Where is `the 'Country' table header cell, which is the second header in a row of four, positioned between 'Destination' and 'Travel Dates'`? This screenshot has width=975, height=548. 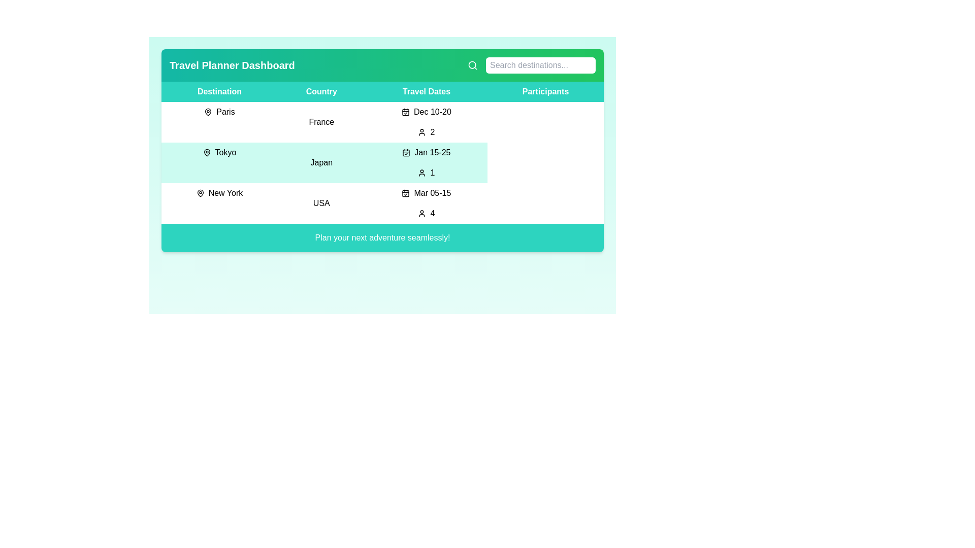
the 'Country' table header cell, which is the second header in a row of four, positioned between 'Destination' and 'Travel Dates' is located at coordinates (321, 92).